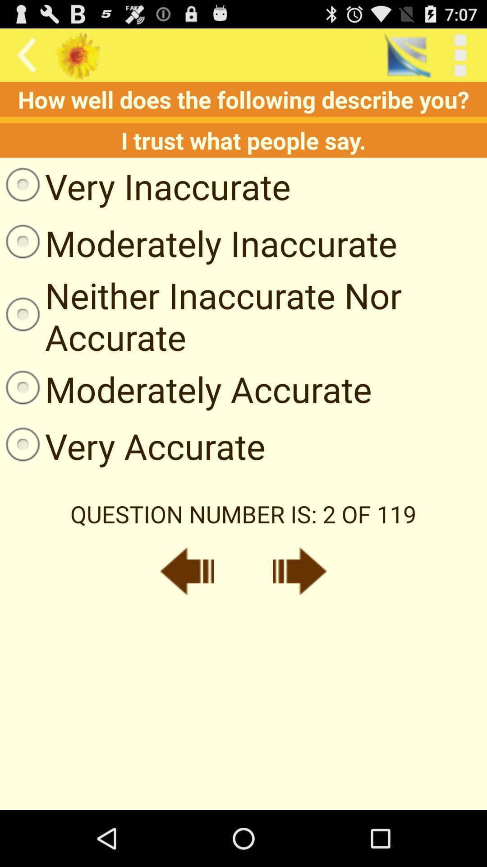  What do you see at coordinates (133, 446) in the screenshot?
I see `item on the left` at bounding box center [133, 446].